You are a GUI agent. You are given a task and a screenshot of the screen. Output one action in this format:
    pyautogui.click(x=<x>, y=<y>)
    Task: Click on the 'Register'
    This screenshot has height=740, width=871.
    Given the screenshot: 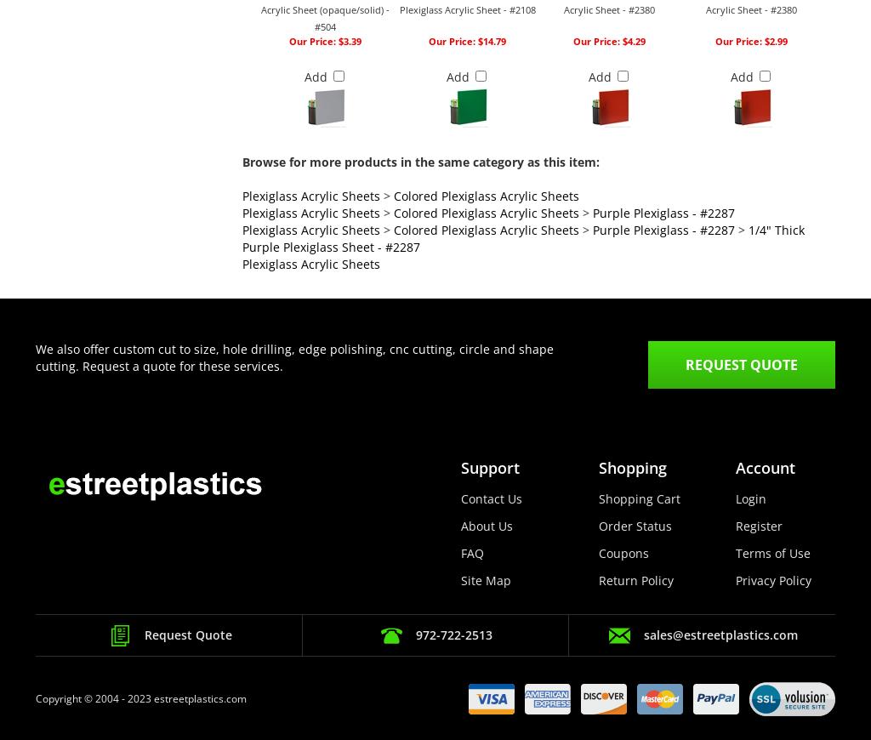 What is the action you would take?
    pyautogui.click(x=759, y=525)
    